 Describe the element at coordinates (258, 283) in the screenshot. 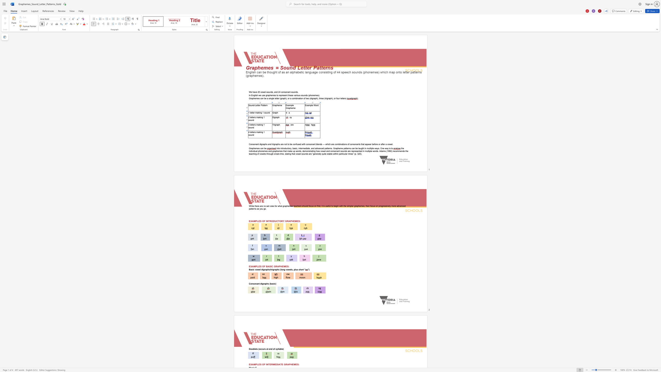

I see `the space between the continuous character "a" and "n" in the text` at that location.